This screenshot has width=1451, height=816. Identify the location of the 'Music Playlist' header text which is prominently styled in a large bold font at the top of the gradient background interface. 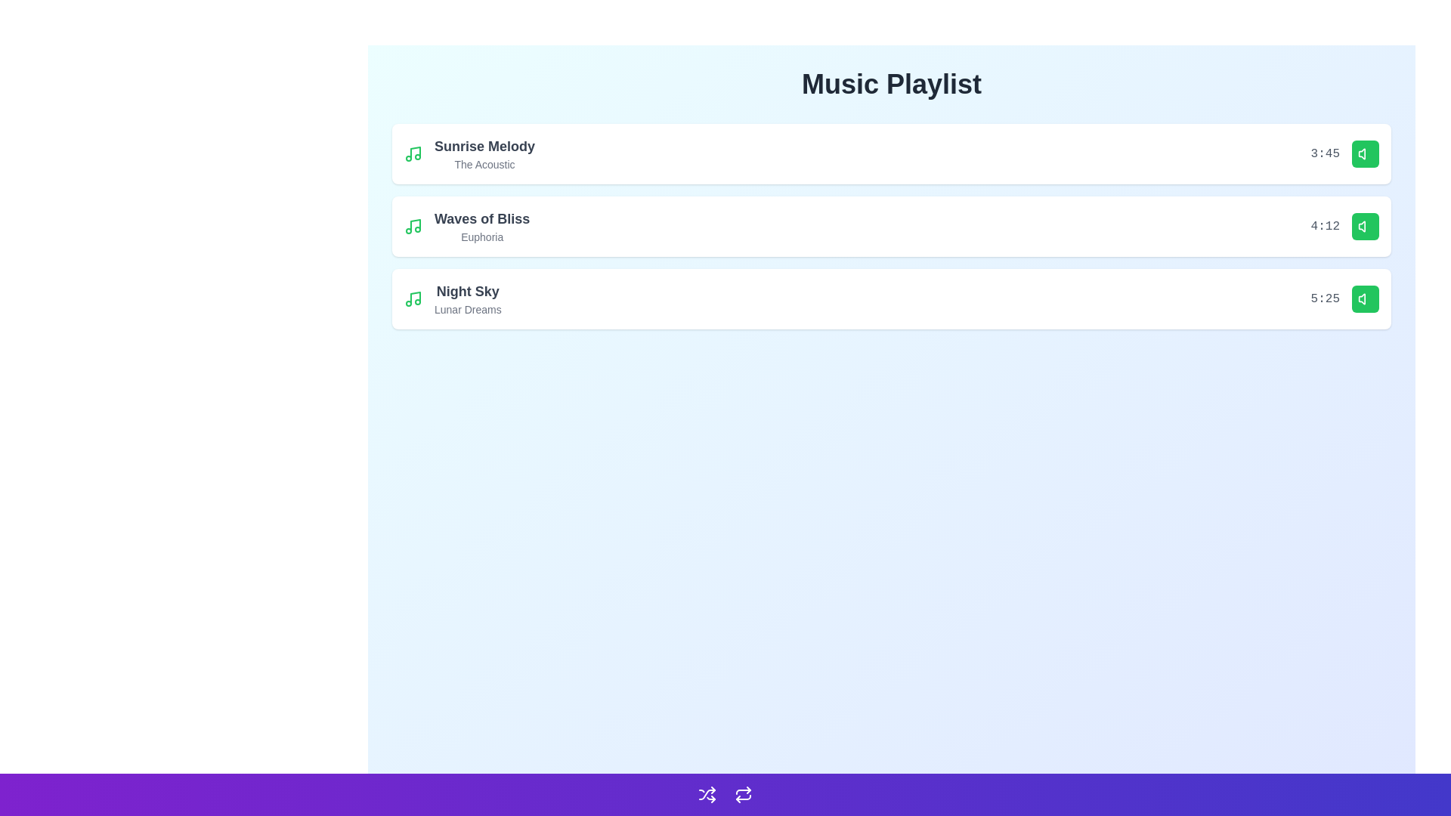
(892, 84).